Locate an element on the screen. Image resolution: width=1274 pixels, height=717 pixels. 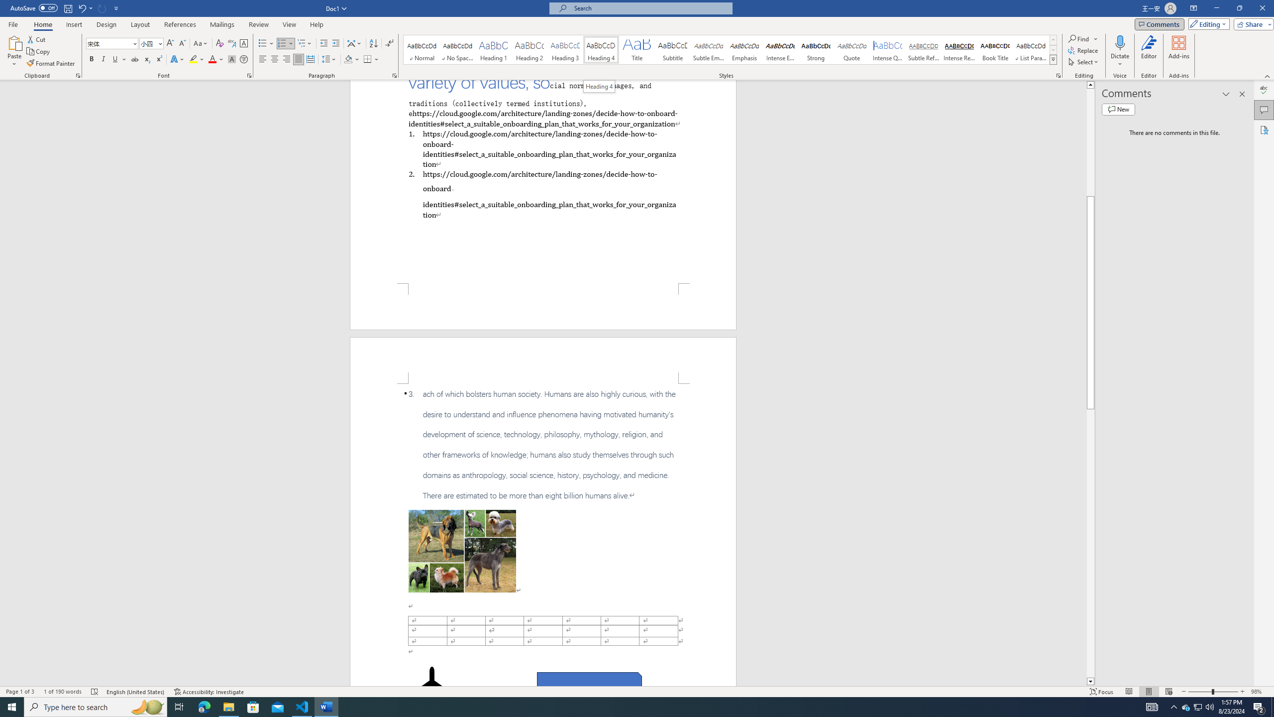
'Multilevel List' is located at coordinates (304, 43).